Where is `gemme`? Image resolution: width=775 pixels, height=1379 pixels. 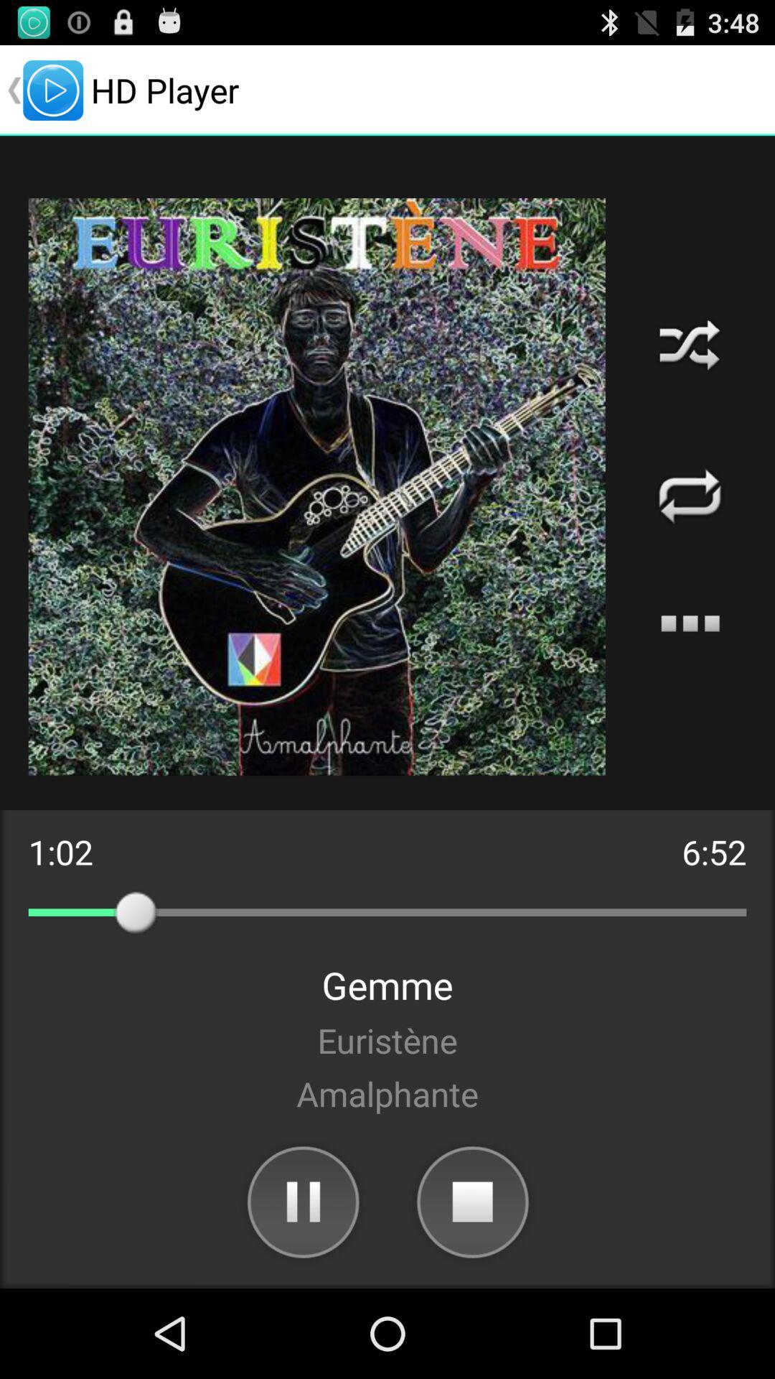
gemme is located at coordinates (387, 984).